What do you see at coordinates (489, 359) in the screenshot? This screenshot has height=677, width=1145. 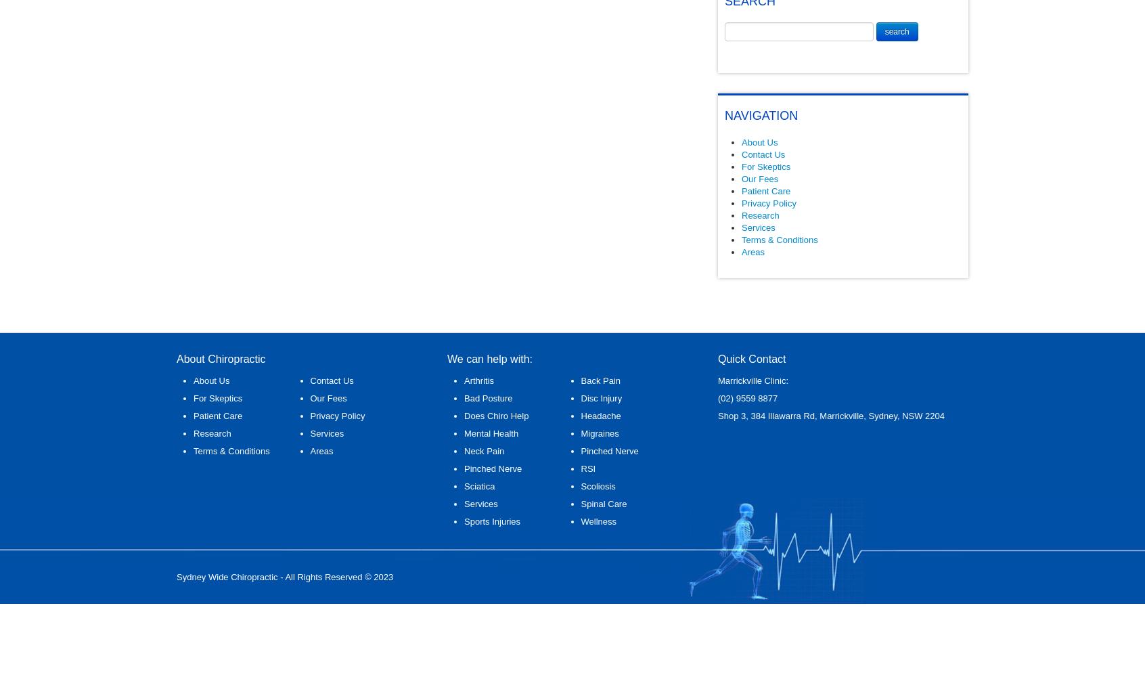 I see `'We can help with:'` at bounding box center [489, 359].